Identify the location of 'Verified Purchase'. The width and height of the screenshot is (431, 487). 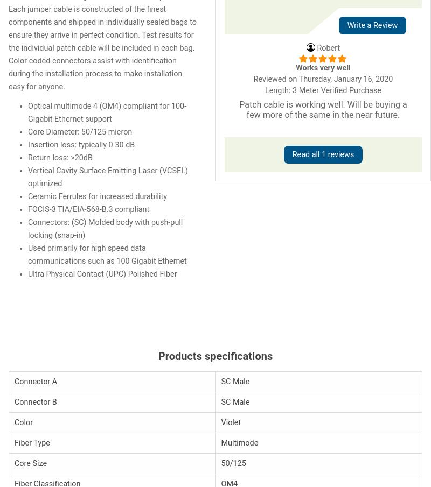
(350, 90).